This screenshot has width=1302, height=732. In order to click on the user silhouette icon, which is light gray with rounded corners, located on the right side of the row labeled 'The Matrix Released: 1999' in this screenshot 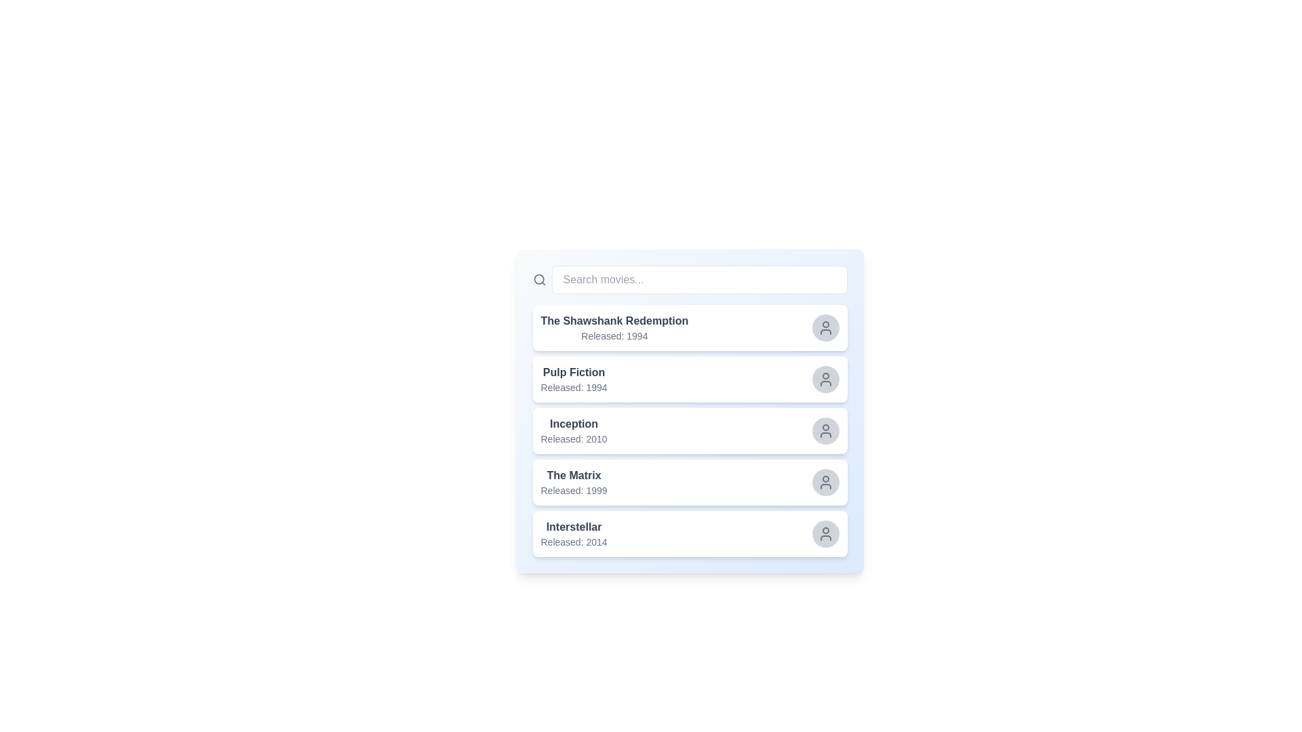, I will do `click(825, 482)`.